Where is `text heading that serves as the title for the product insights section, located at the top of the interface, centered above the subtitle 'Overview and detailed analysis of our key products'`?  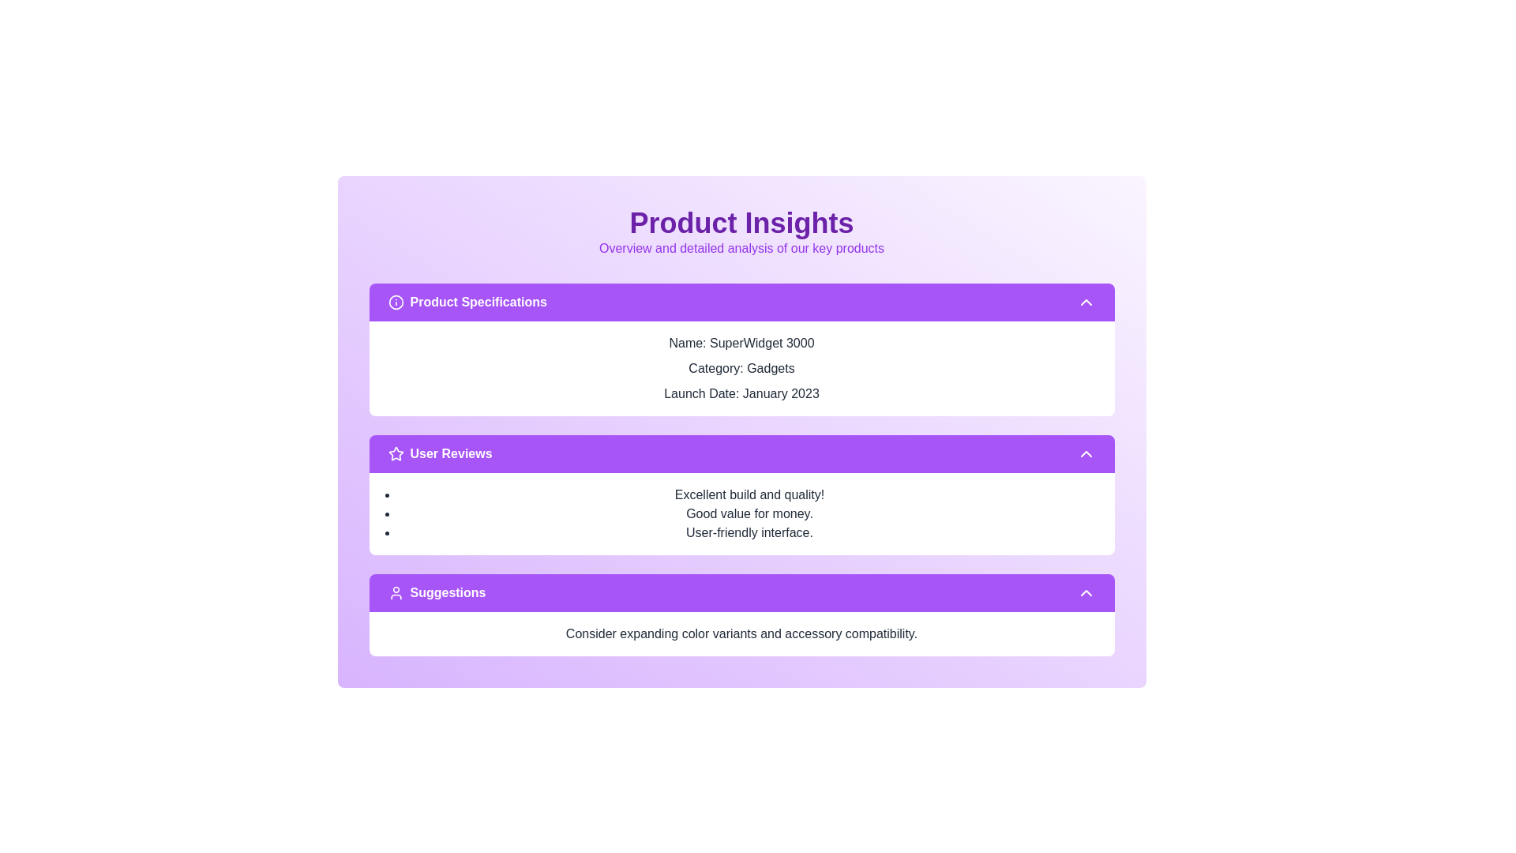 text heading that serves as the title for the product insights section, located at the top of the interface, centered above the subtitle 'Overview and detailed analysis of our key products' is located at coordinates (741, 223).